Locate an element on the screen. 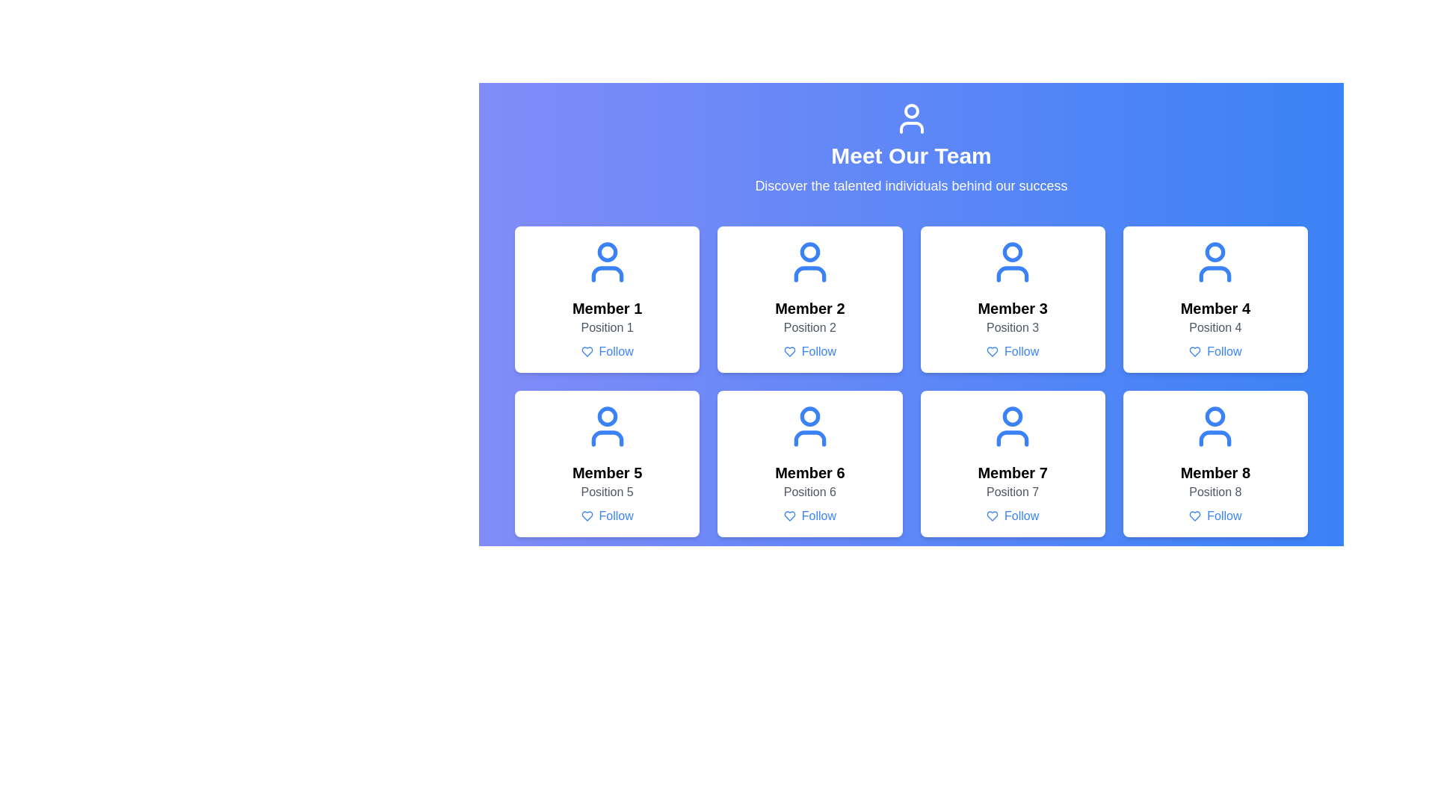 This screenshot has width=1435, height=807. the text label reading 'Member 5' which is styled in bold and large font, located in the second row and first column of the member card is located at coordinates (607, 472).